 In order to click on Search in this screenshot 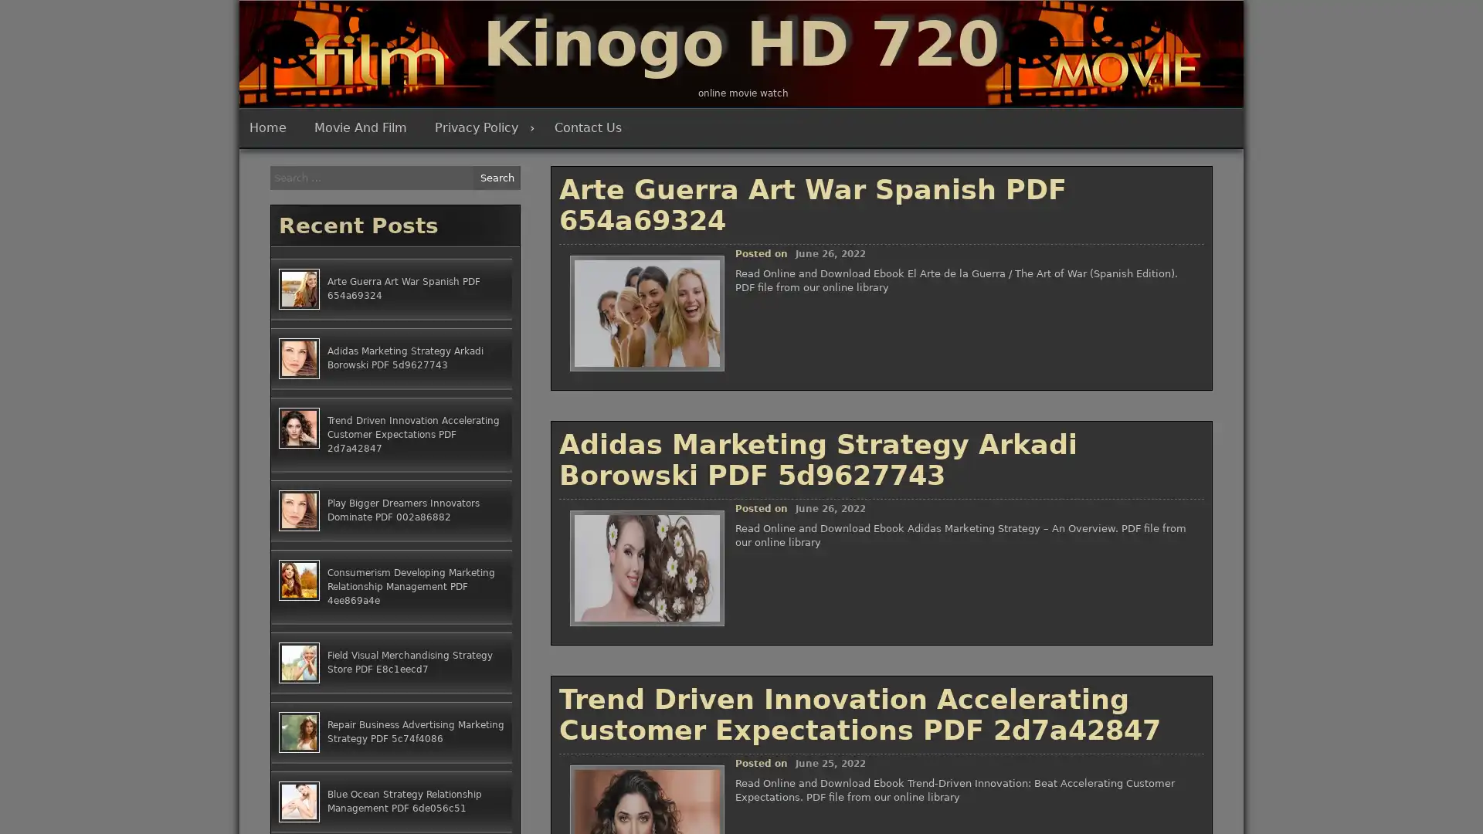, I will do `click(497, 177)`.